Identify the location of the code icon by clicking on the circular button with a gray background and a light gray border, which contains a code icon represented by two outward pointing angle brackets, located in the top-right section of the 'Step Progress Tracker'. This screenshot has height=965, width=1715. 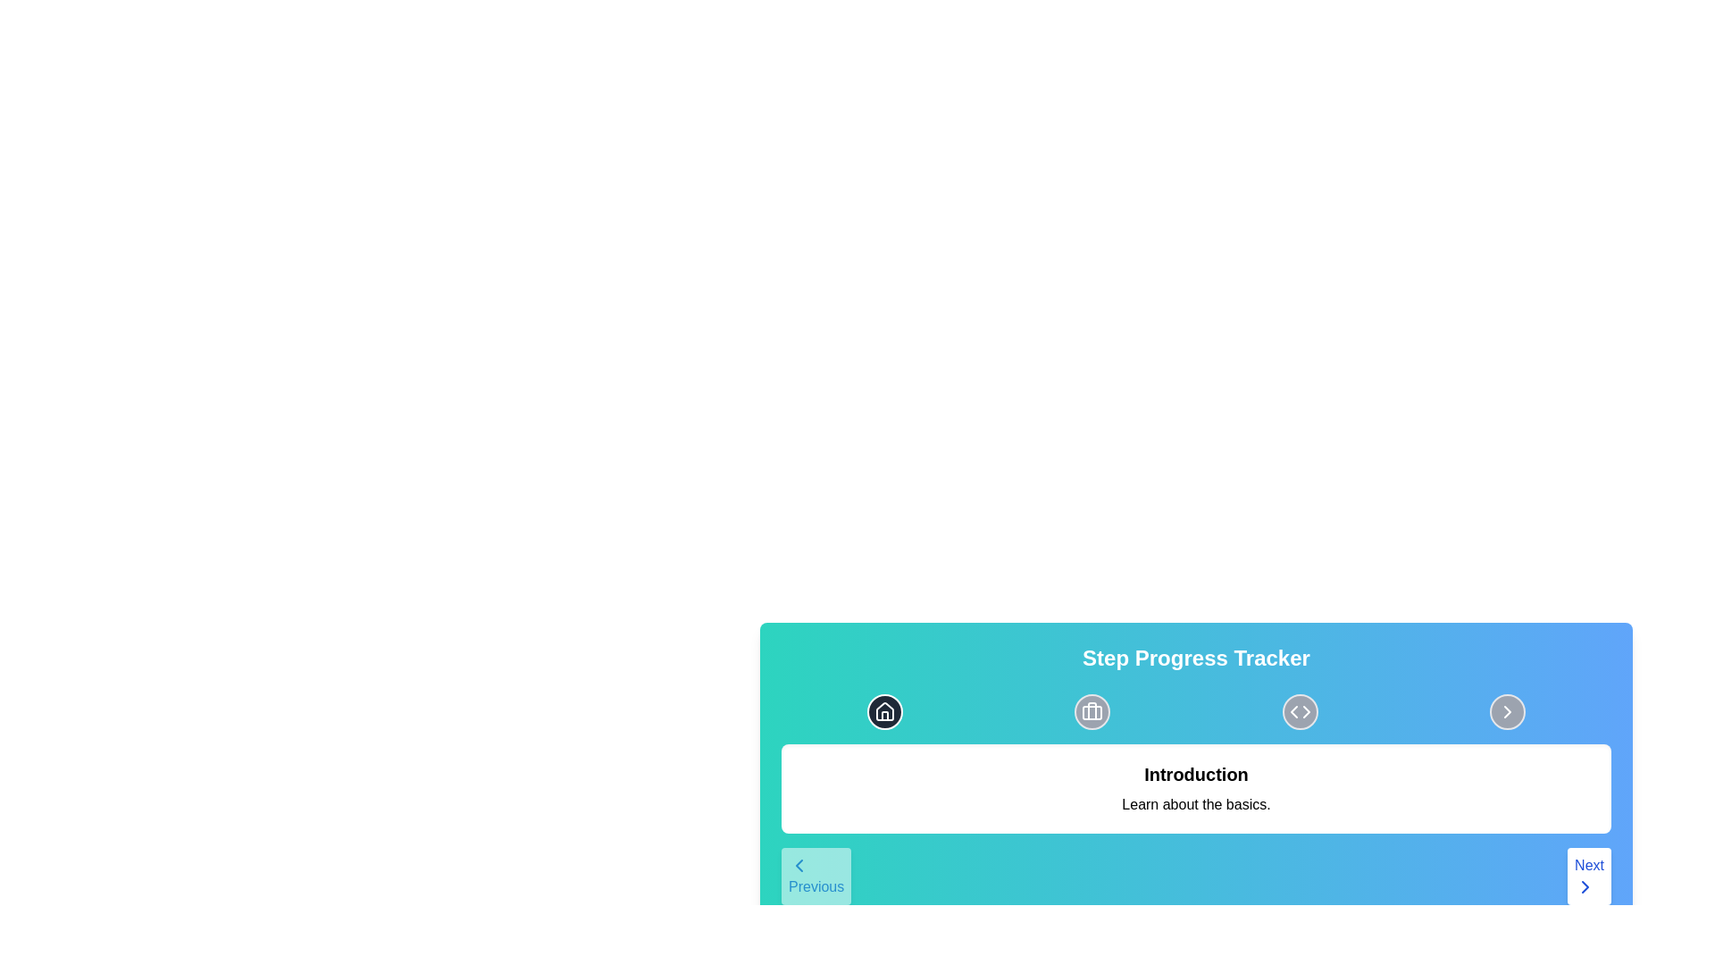
(1300, 711).